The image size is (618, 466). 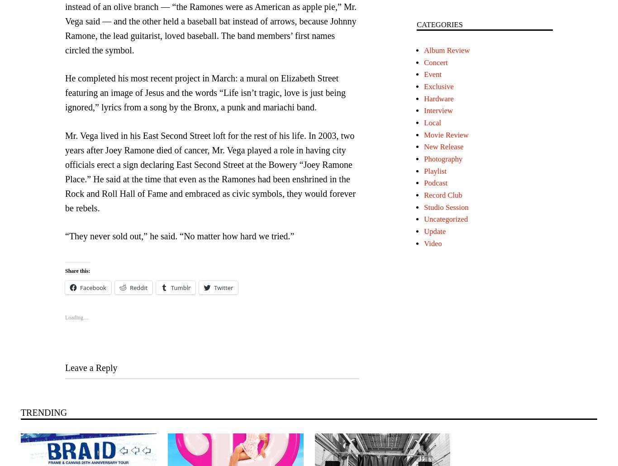 What do you see at coordinates (210, 171) in the screenshot?
I see `'Mr. Vega lived in his East Second Street loft for the rest of his life. In 2003, two years after Joey Ramone died of cancer, Mr. Vega played a role in having city officials erect a sign declaring East Second Street at the Bowery “Joey Ramone Place.” He said at the time that even as the Ramones had been enshrined in the Rock and Roll Hall of Fame and embraced as civic symbols, they would forever be rebels.'` at bounding box center [210, 171].